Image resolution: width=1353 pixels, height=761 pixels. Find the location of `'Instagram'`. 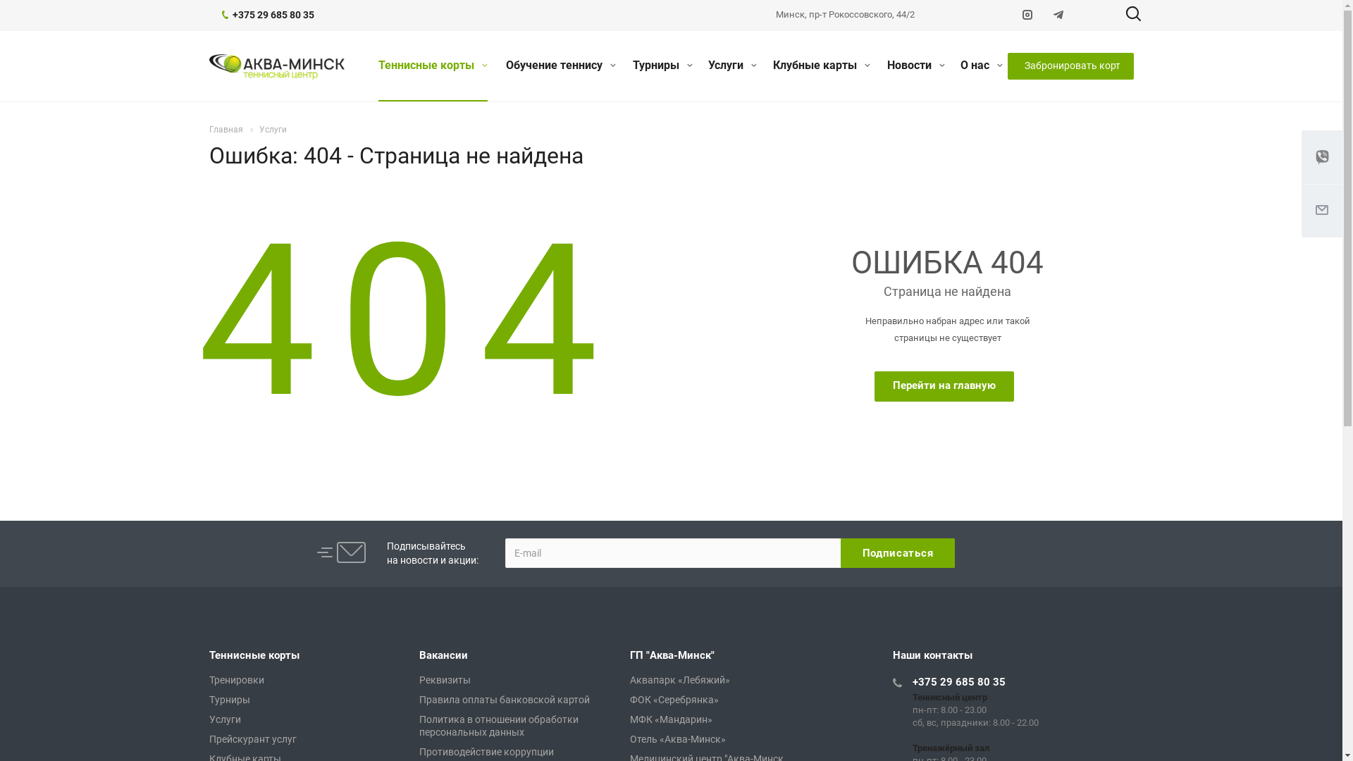

'Instagram' is located at coordinates (1027, 16).